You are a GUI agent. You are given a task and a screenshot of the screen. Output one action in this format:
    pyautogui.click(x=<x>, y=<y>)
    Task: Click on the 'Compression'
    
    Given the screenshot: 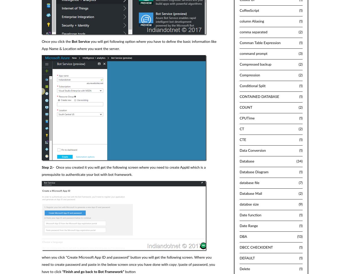 What is the action you would take?
    pyautogui.click(x=250, y=75)
    